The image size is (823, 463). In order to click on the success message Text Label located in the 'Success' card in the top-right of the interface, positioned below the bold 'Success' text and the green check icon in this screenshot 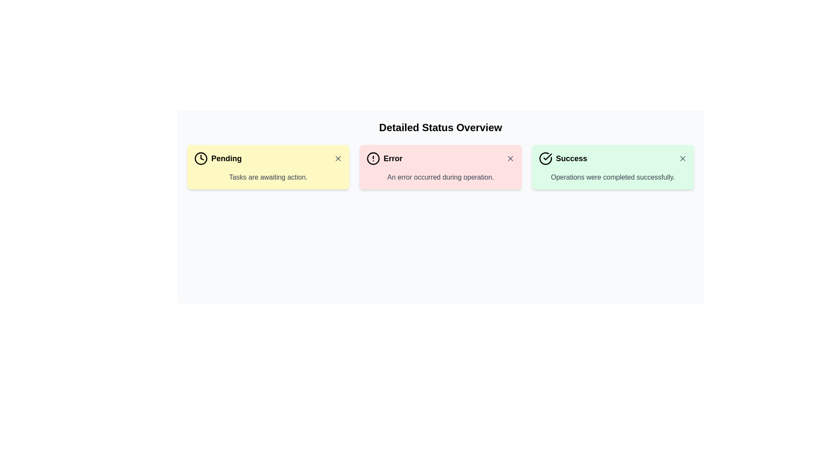, I will do `click(613, 177)`.